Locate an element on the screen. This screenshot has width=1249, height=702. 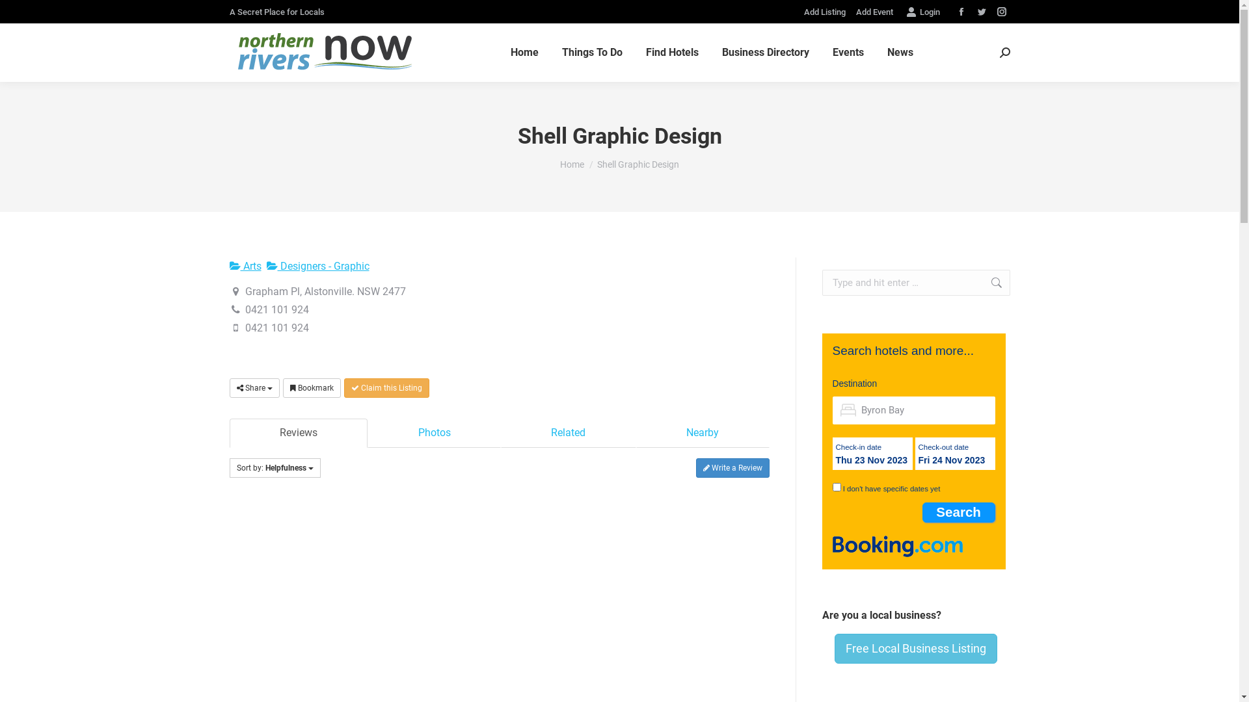
'Facebook page opens in new window' is located at coordinates (952, 12).